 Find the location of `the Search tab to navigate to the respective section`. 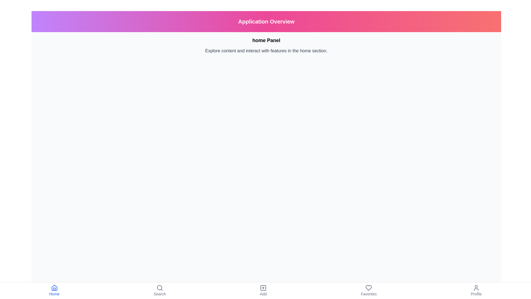

the Search tab to navigate to the respective section is located at coordinates (159, 290).